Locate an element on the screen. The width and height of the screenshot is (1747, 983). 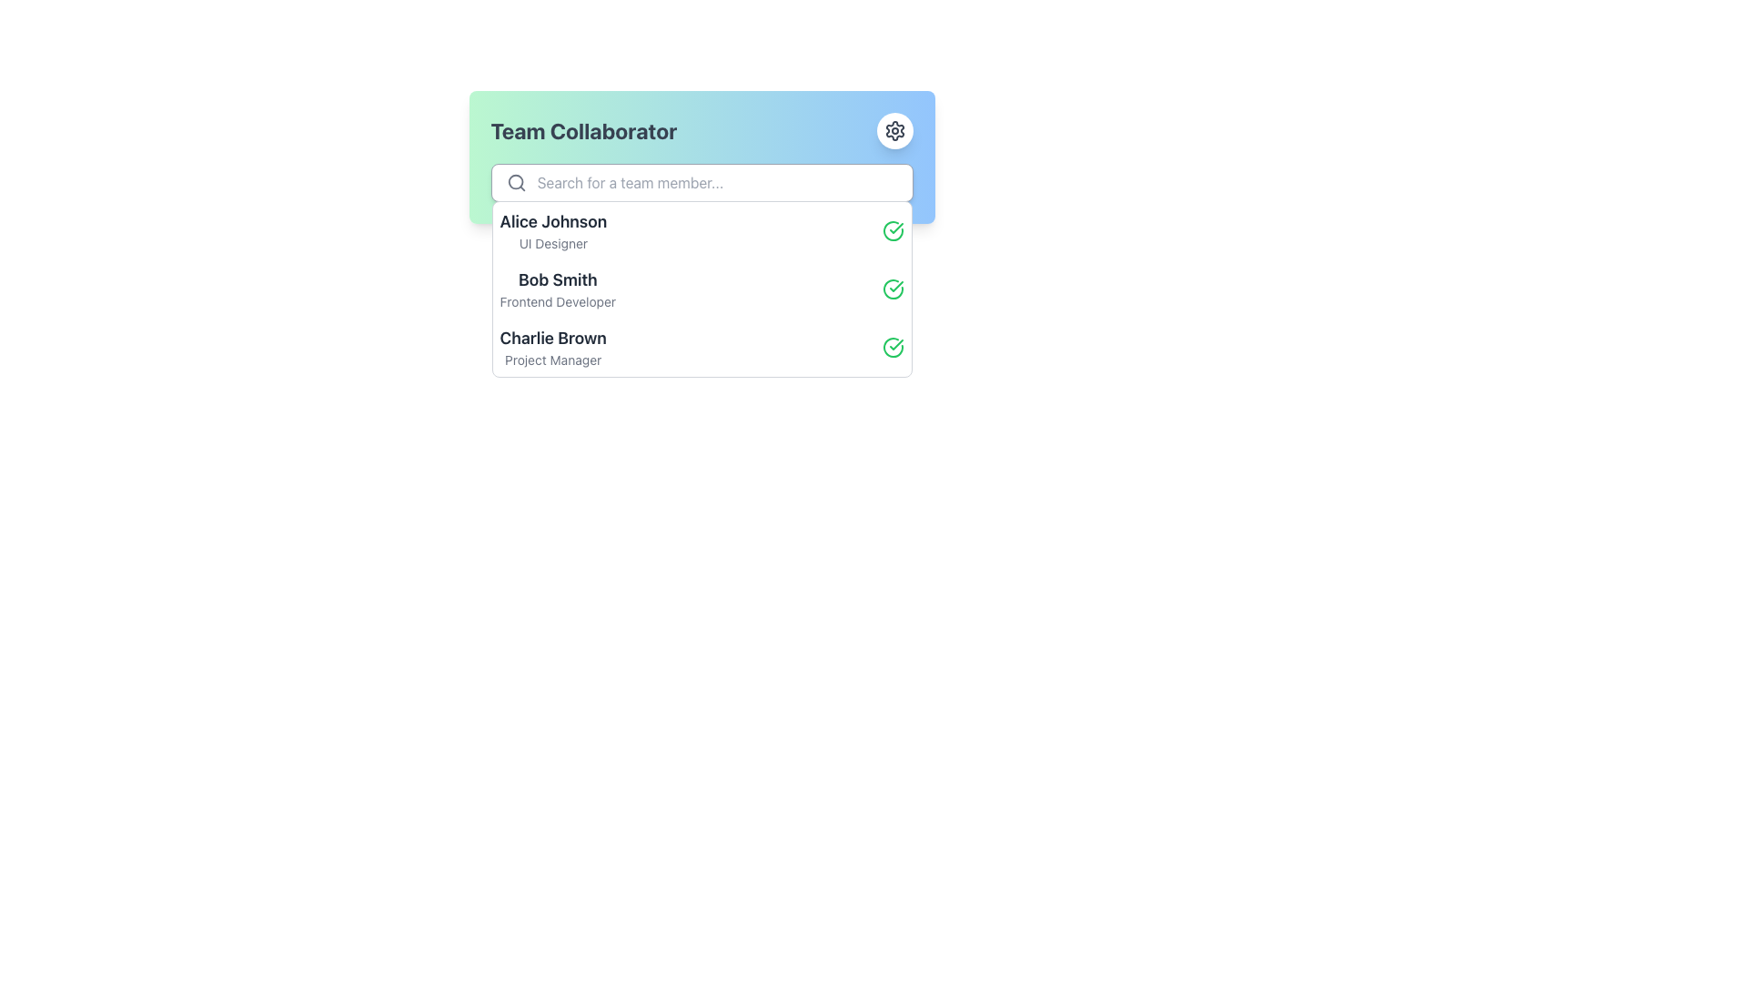
the small circular button with a white background and a gray gear icon located at the top-right corner of the 'Team Collaborator' section header is located at coordinates (894, 129).